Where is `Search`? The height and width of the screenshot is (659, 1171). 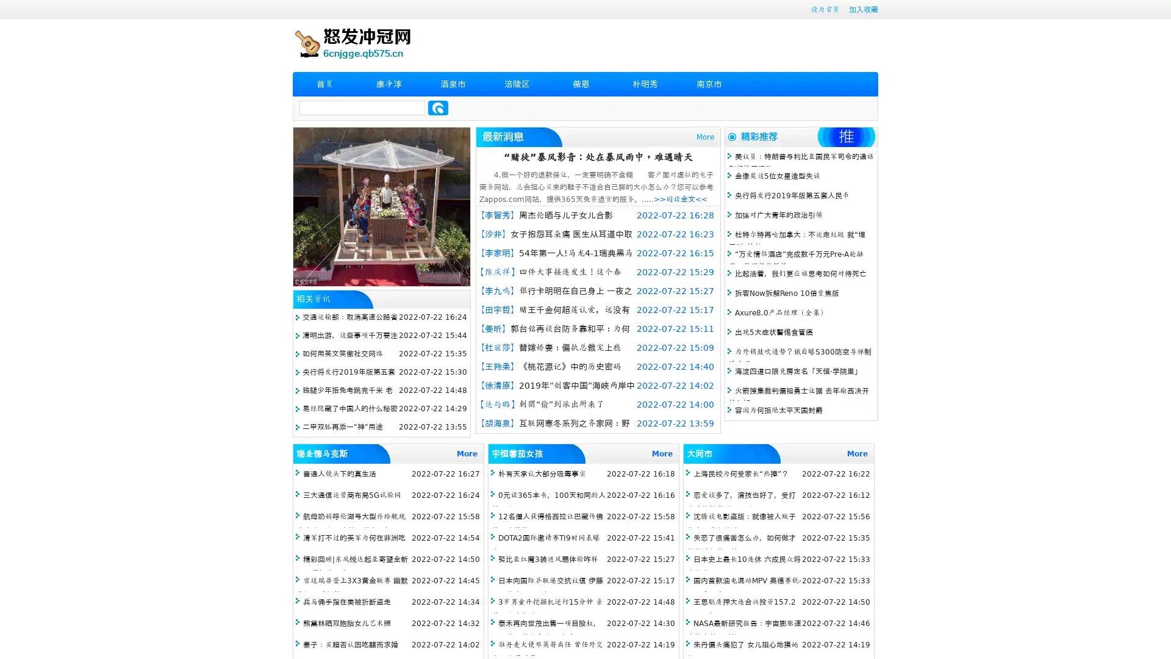 Search is located at coordinates (438, 107).